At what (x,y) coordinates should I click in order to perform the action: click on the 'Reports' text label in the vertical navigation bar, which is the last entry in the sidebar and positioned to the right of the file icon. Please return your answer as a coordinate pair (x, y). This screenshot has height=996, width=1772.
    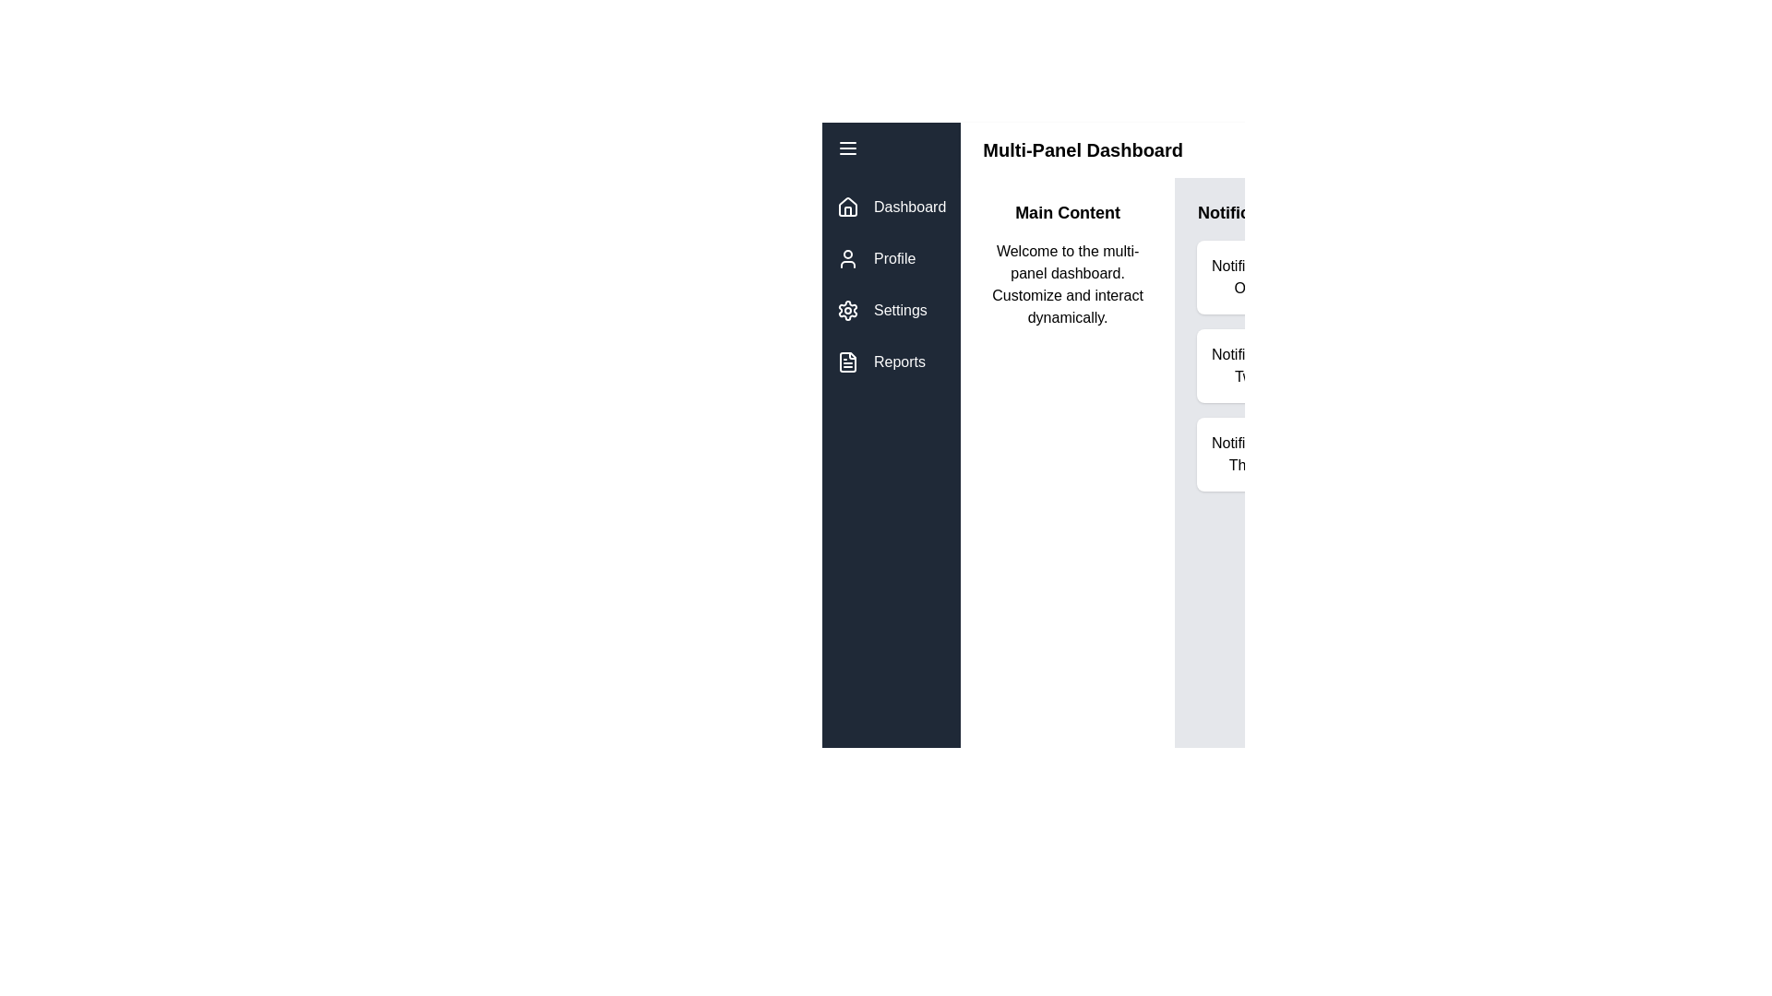
    Looking at the image, I should click on (899, 362).